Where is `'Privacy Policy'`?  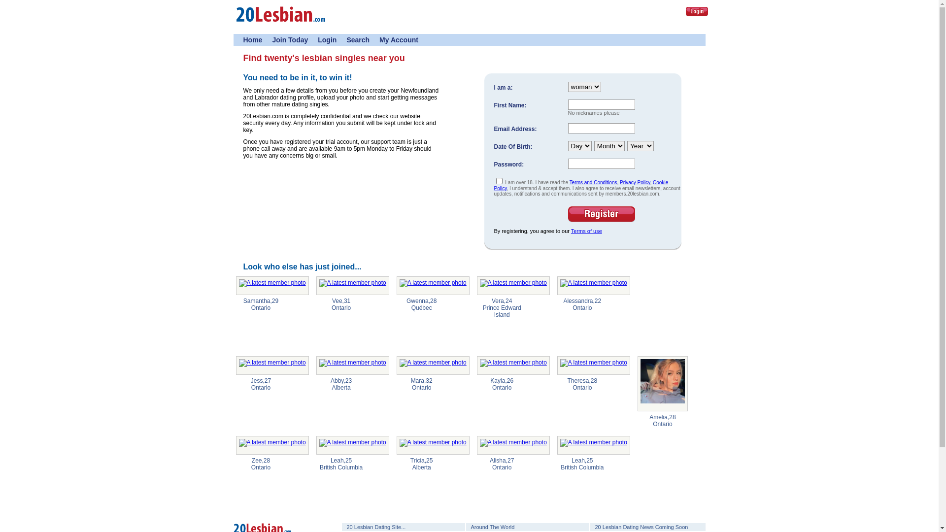 'Privacy Policy' is located at coordinates (635, 182).